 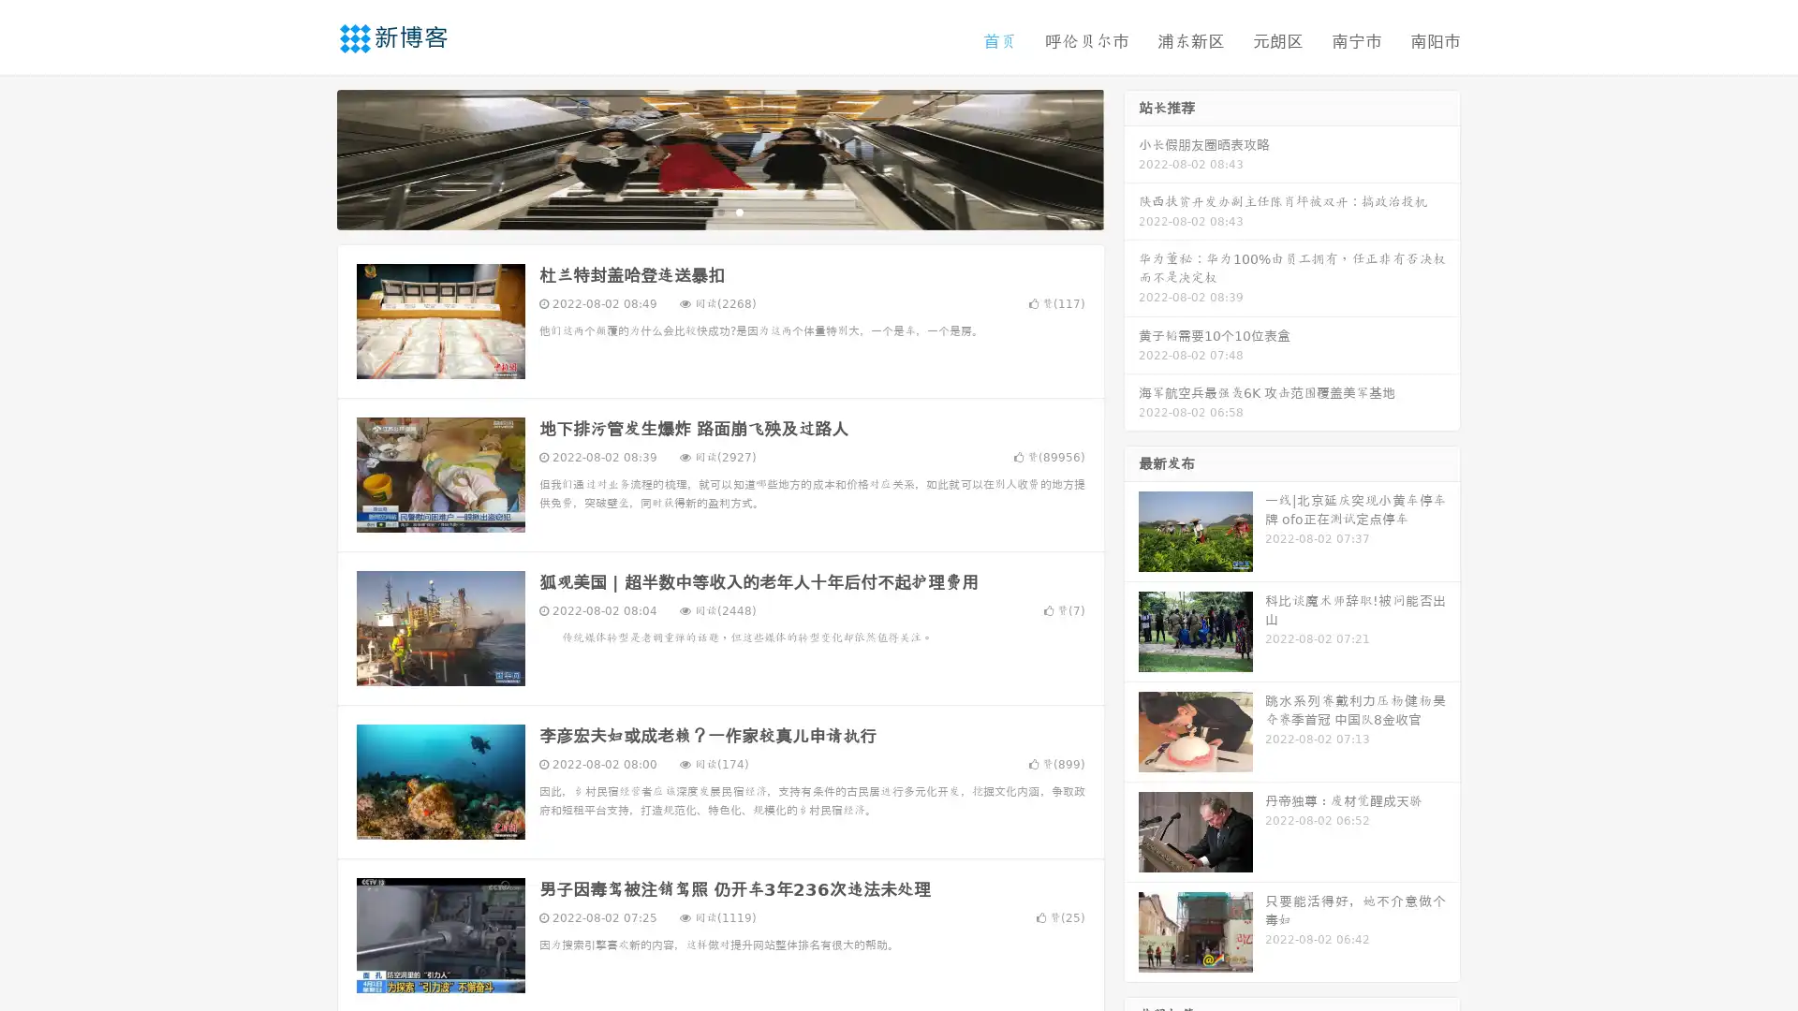 I want to click on Previous slide, so click(x=309, y=157).